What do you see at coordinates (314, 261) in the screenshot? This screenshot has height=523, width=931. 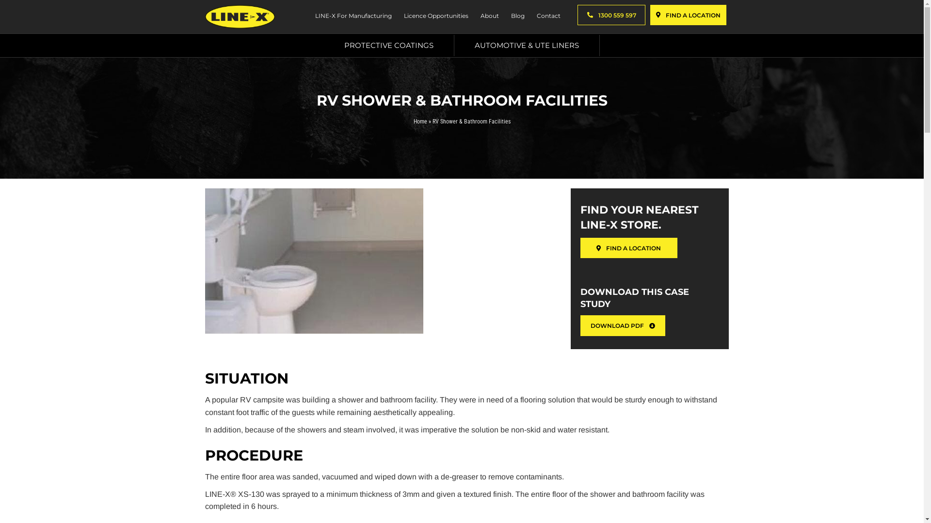 I see `'RV shower & Bathroom Facilities'` at bounding box center [314, 261].